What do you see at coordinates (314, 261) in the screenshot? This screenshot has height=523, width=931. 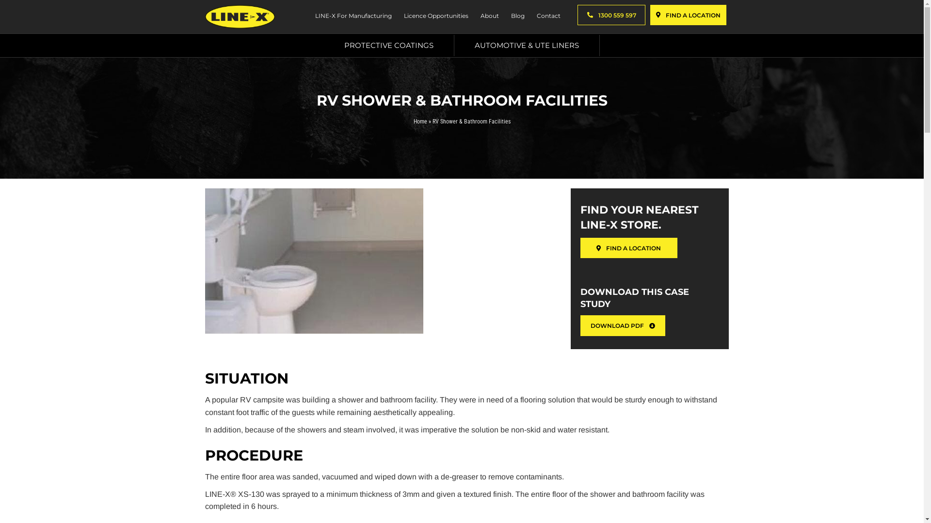 I see `'RV shower & Bathroom Facilities'` at bounding box center [314, 261].